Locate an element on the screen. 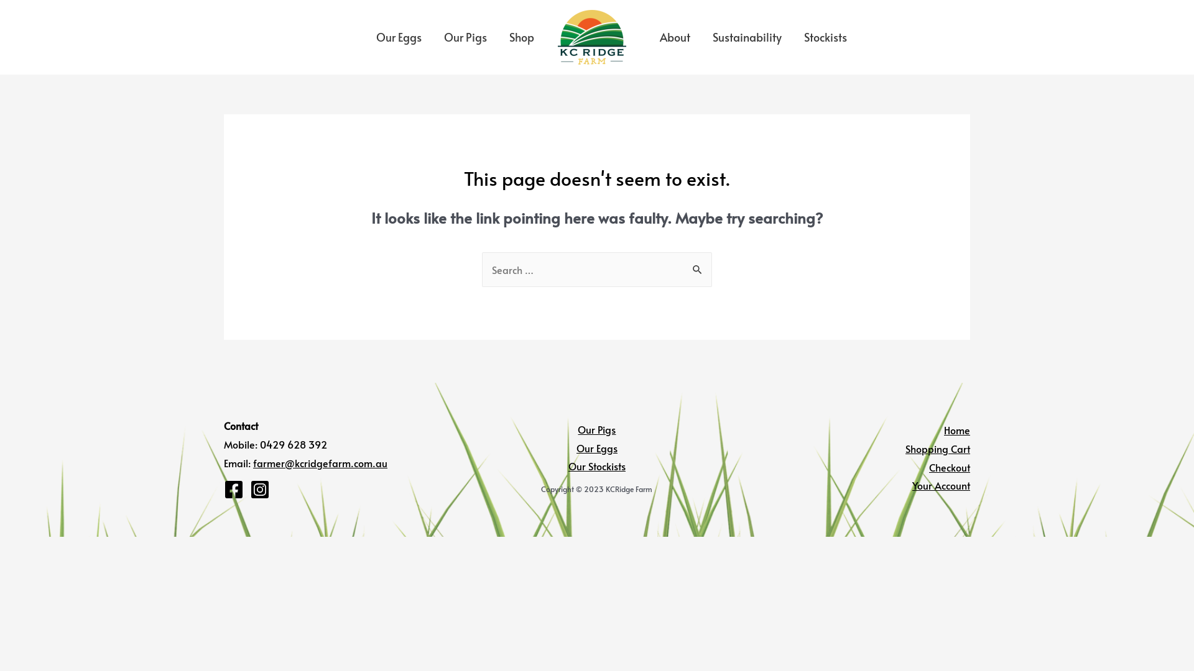 The width and height of the screenshot is (1194, 671). 'Shop' is located at coordinates (498, 37).